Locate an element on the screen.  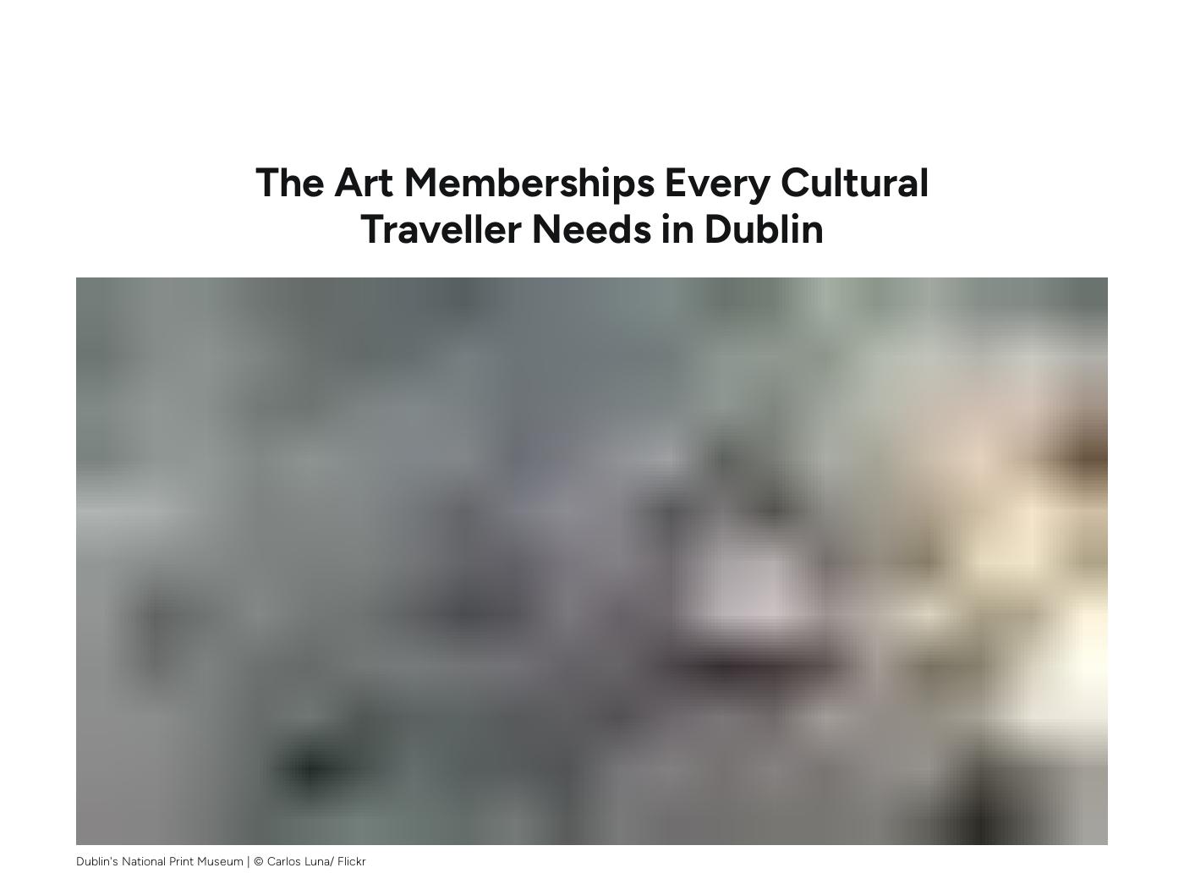
'meet our Local Insider' is located at coordinates (436, 312).